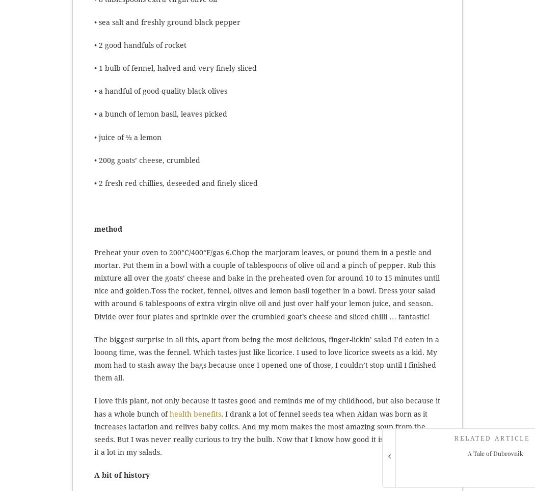 The height and width of the screenshot is (491, 535). What do you see at coordinates (175, 68) in the screenshot?
I see `'• 1 bulb of fennel, halved and very finely sliced'` at bounding box center [175, 68].